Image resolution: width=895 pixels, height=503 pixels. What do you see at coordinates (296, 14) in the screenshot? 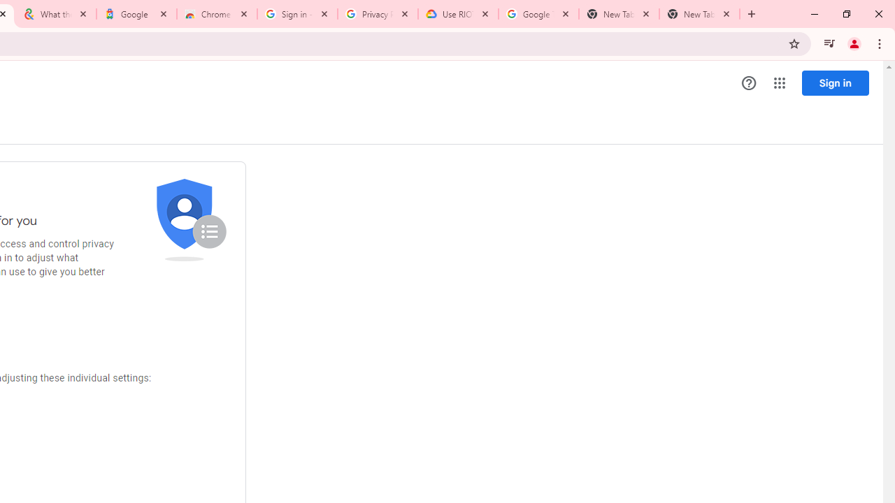
I see `'Sign in - Google Accounts'` at bounding box center [296, 14].